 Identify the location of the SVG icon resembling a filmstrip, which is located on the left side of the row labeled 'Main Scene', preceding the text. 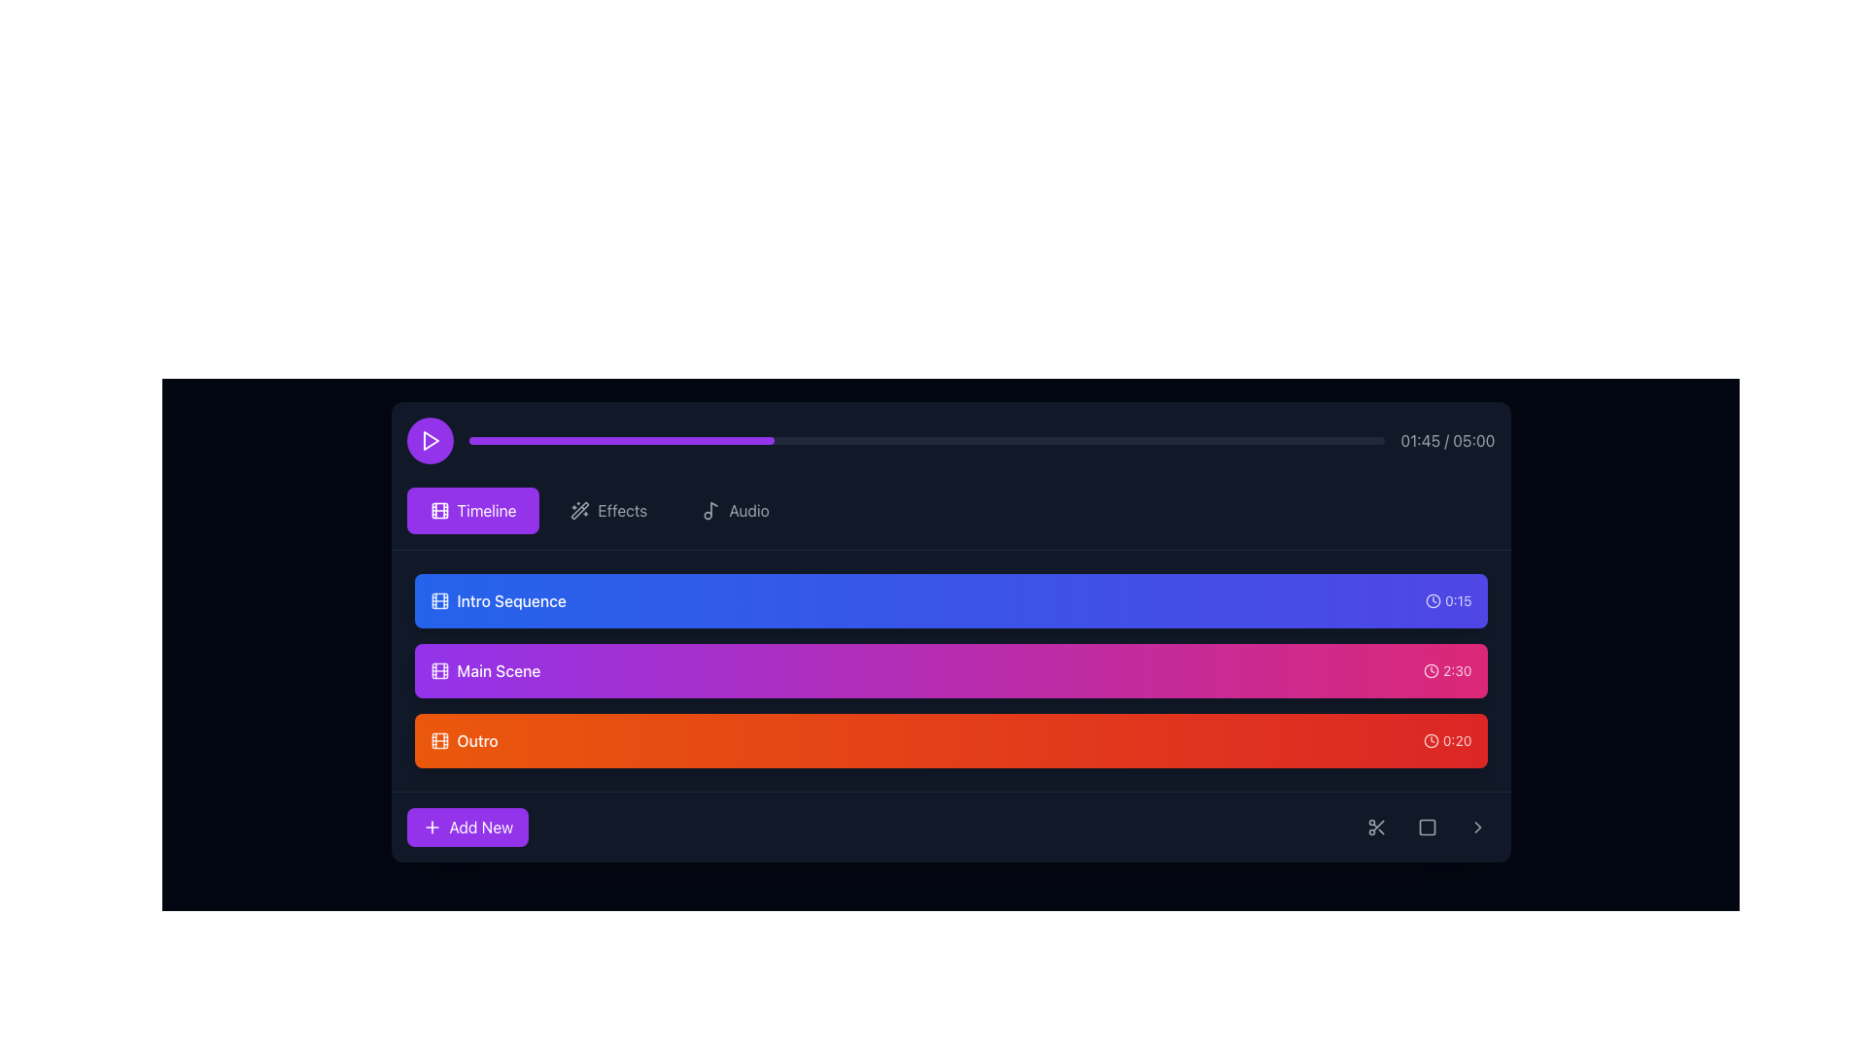
(438, 669).